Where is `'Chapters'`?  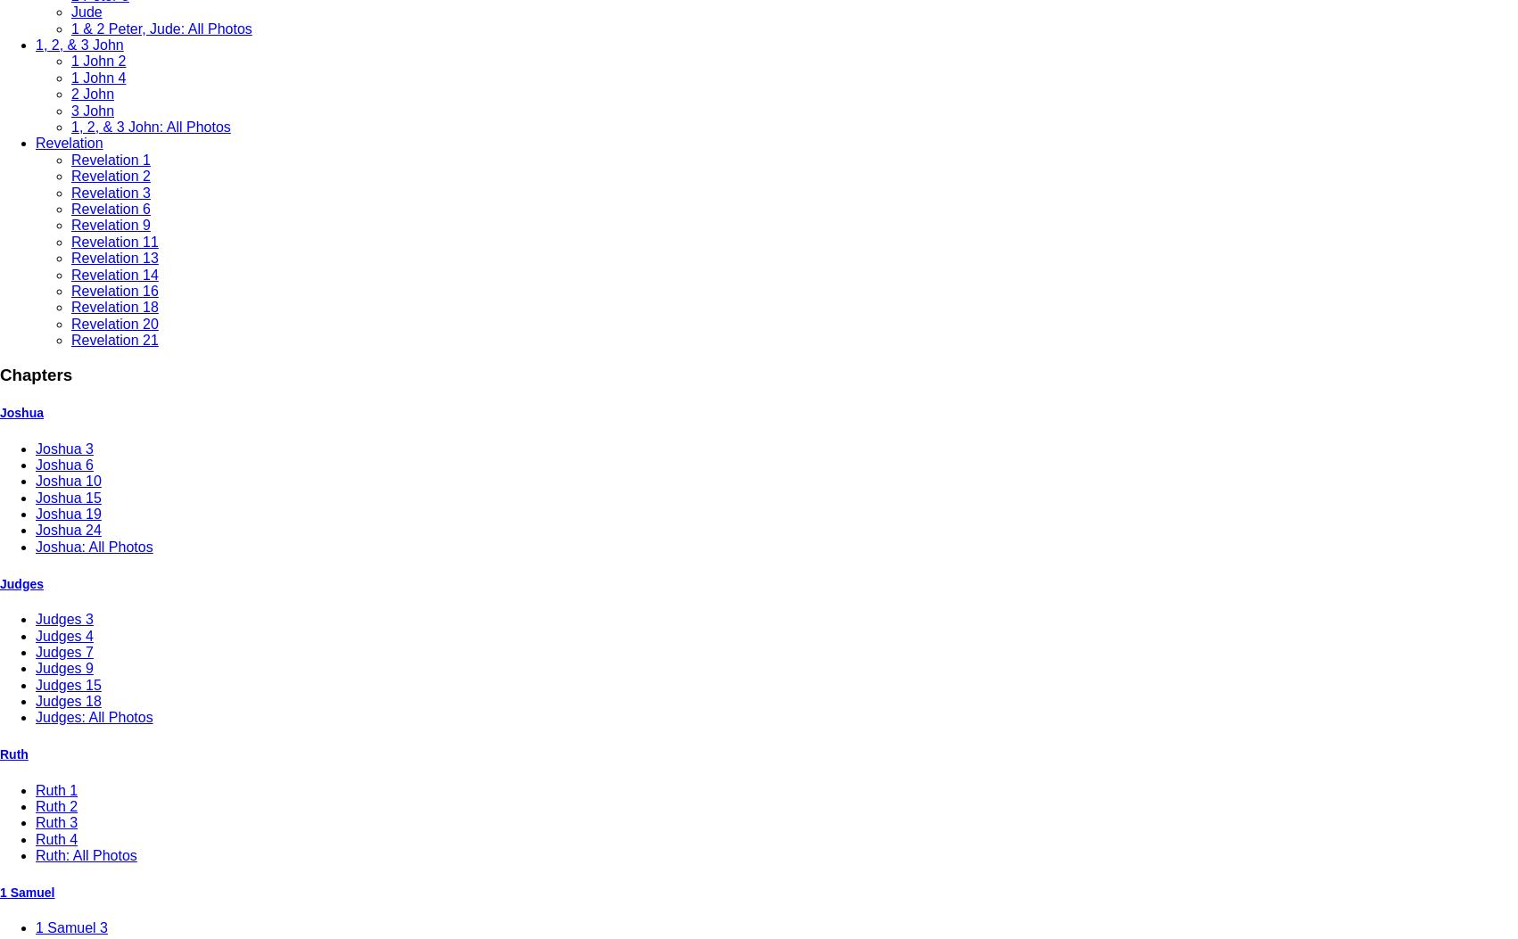 'Chapters' is located at coordinates (36, 375).